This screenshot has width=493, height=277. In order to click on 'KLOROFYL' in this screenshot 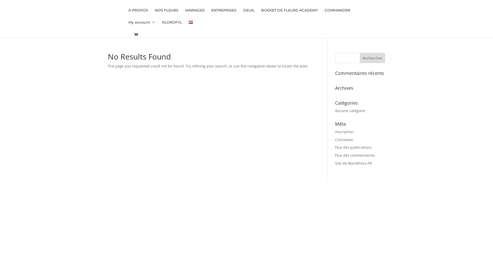, I will do `click(172, 26)`.